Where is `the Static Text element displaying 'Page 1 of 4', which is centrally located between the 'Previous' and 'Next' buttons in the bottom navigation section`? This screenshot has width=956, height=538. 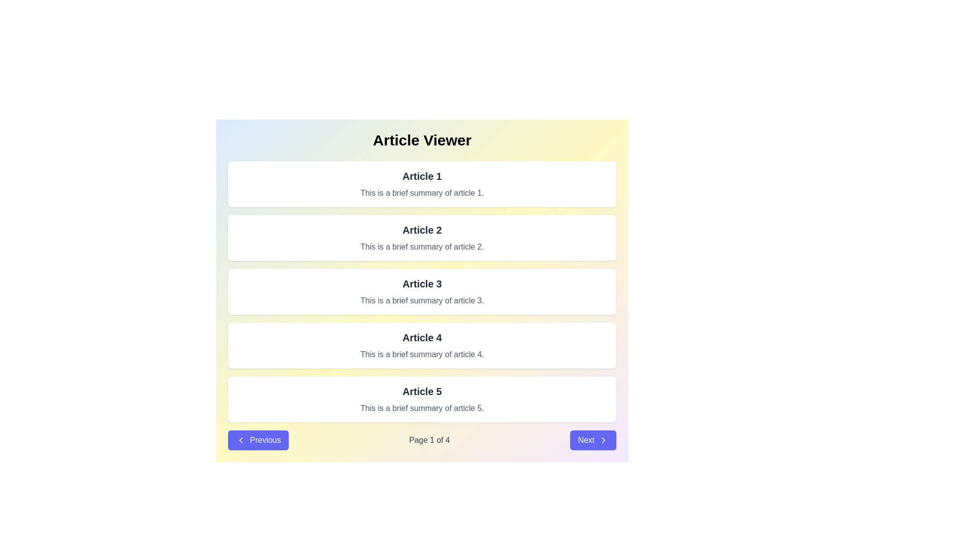 the Static Text element displaying 'Page 1 of 4', which is centrally located between the 'Previous' and 'Next' buttons in the bottom navigation section is located at coordinates (429, 439).